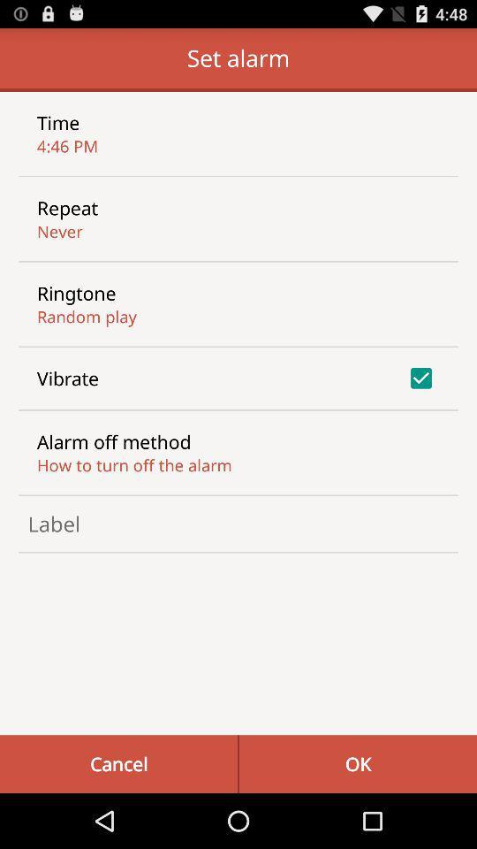 The height and width of the screenshot is (849, 477). Describe the element at coordinates (66, 145) in the screenshot. I see `4:46 pm item` at that location.